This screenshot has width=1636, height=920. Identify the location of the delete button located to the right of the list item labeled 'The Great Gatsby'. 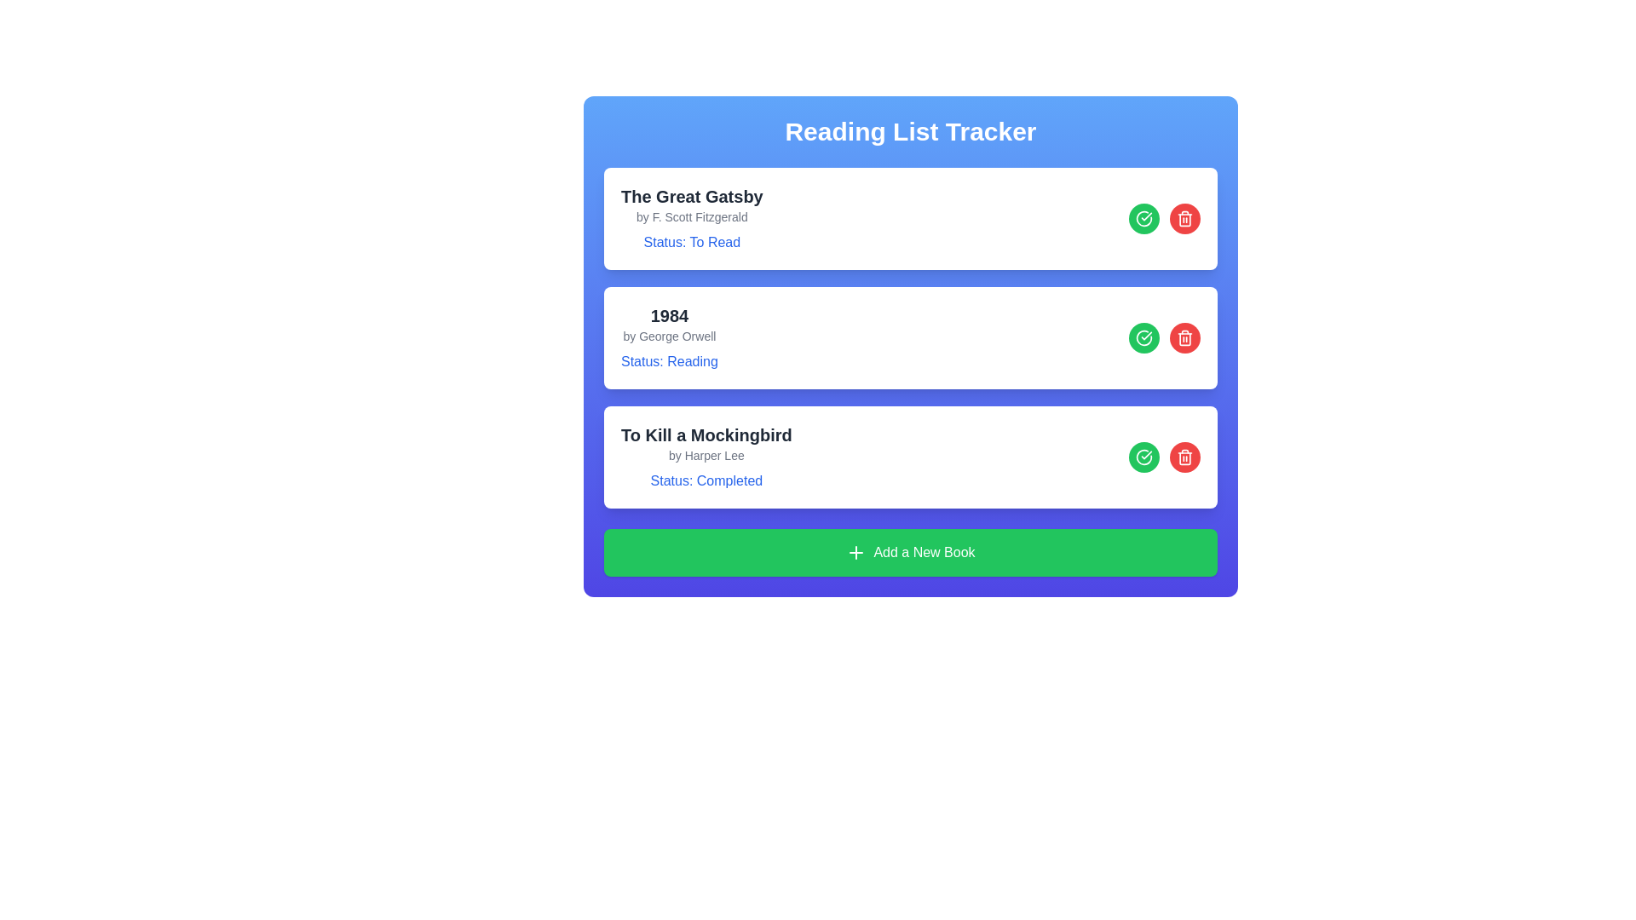
(1184, 218).